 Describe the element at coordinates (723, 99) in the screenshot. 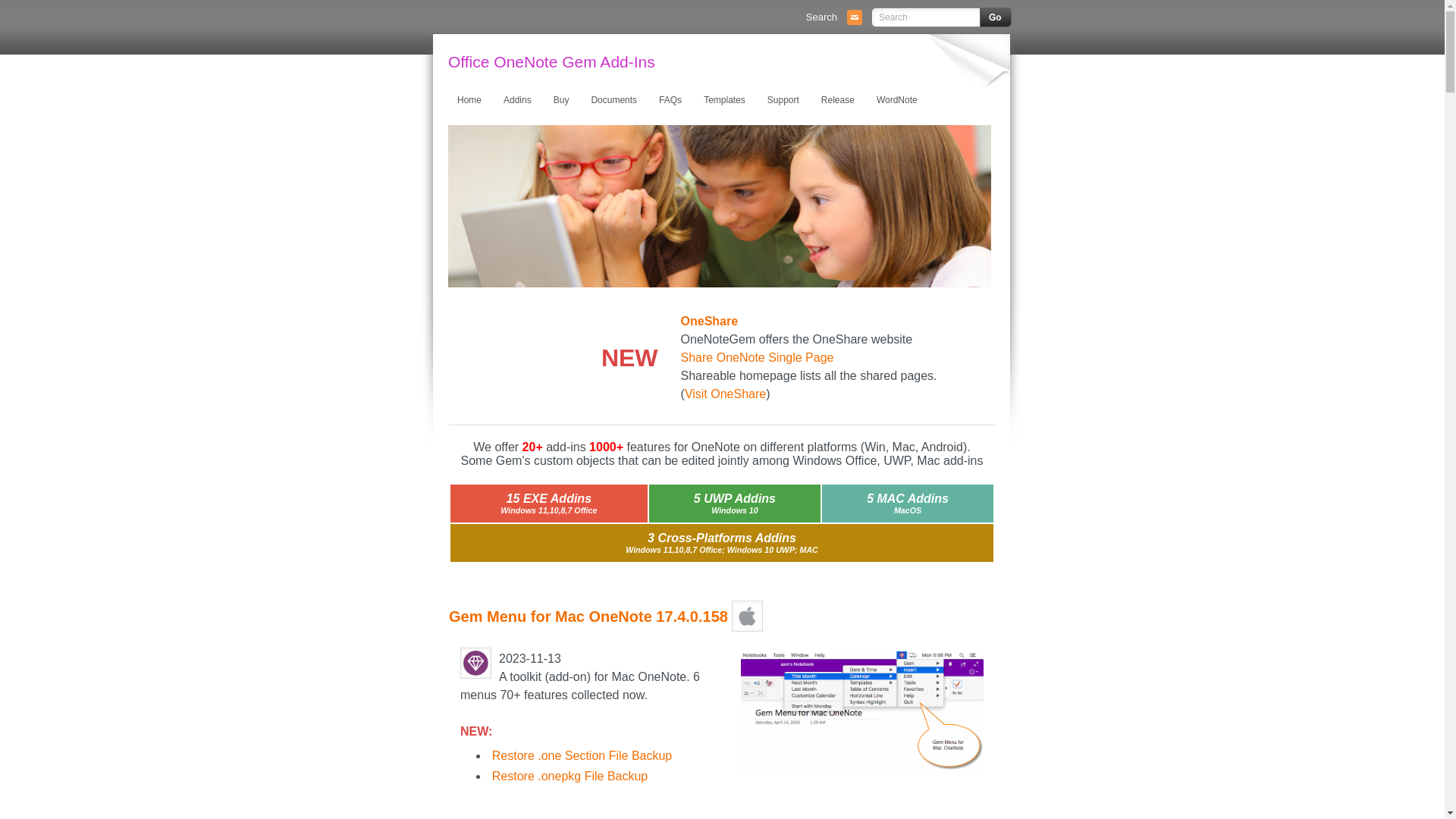

I see `'Templates'` at that location.